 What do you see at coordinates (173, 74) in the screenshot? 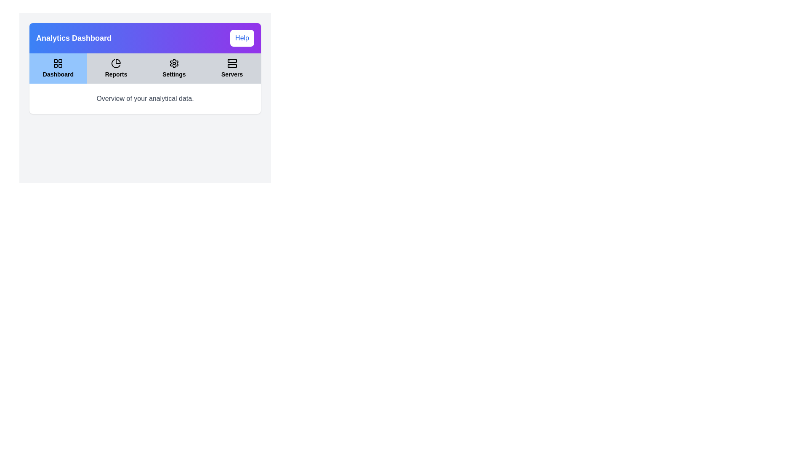
I see `the settings label located beneath the gear icon in the navigation bar to identify its function` at bounding box center [173, 74].